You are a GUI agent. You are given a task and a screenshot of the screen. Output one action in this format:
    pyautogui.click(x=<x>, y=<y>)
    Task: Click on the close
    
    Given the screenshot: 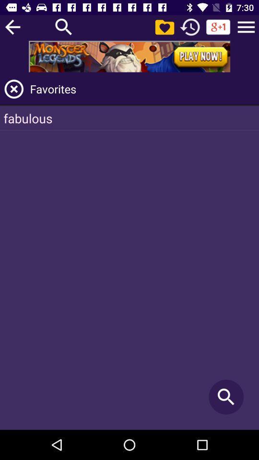 What is the action you would take?
    pyautogui.click(x=13, y=89)
    